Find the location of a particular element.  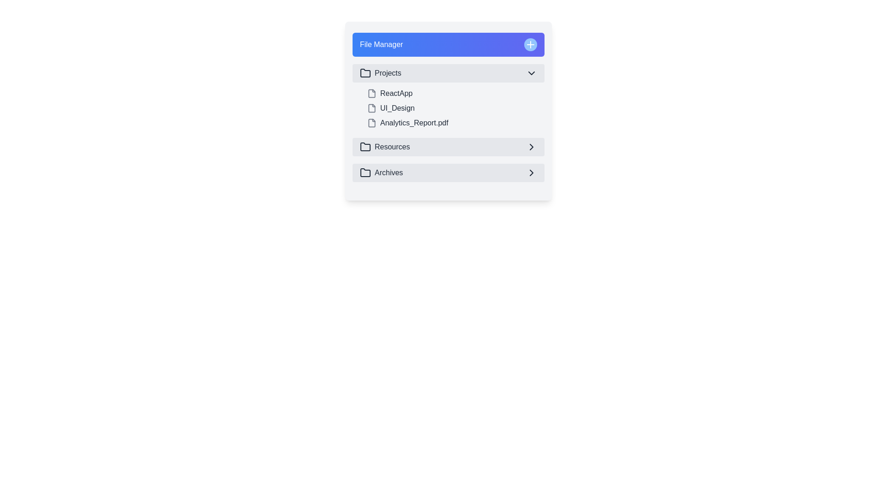

the folder icon that represents 'Resources' located in the vertical list under 'File Manager', positioned between 'Projects' and 'Archives' is located at coordinates (365, 146).